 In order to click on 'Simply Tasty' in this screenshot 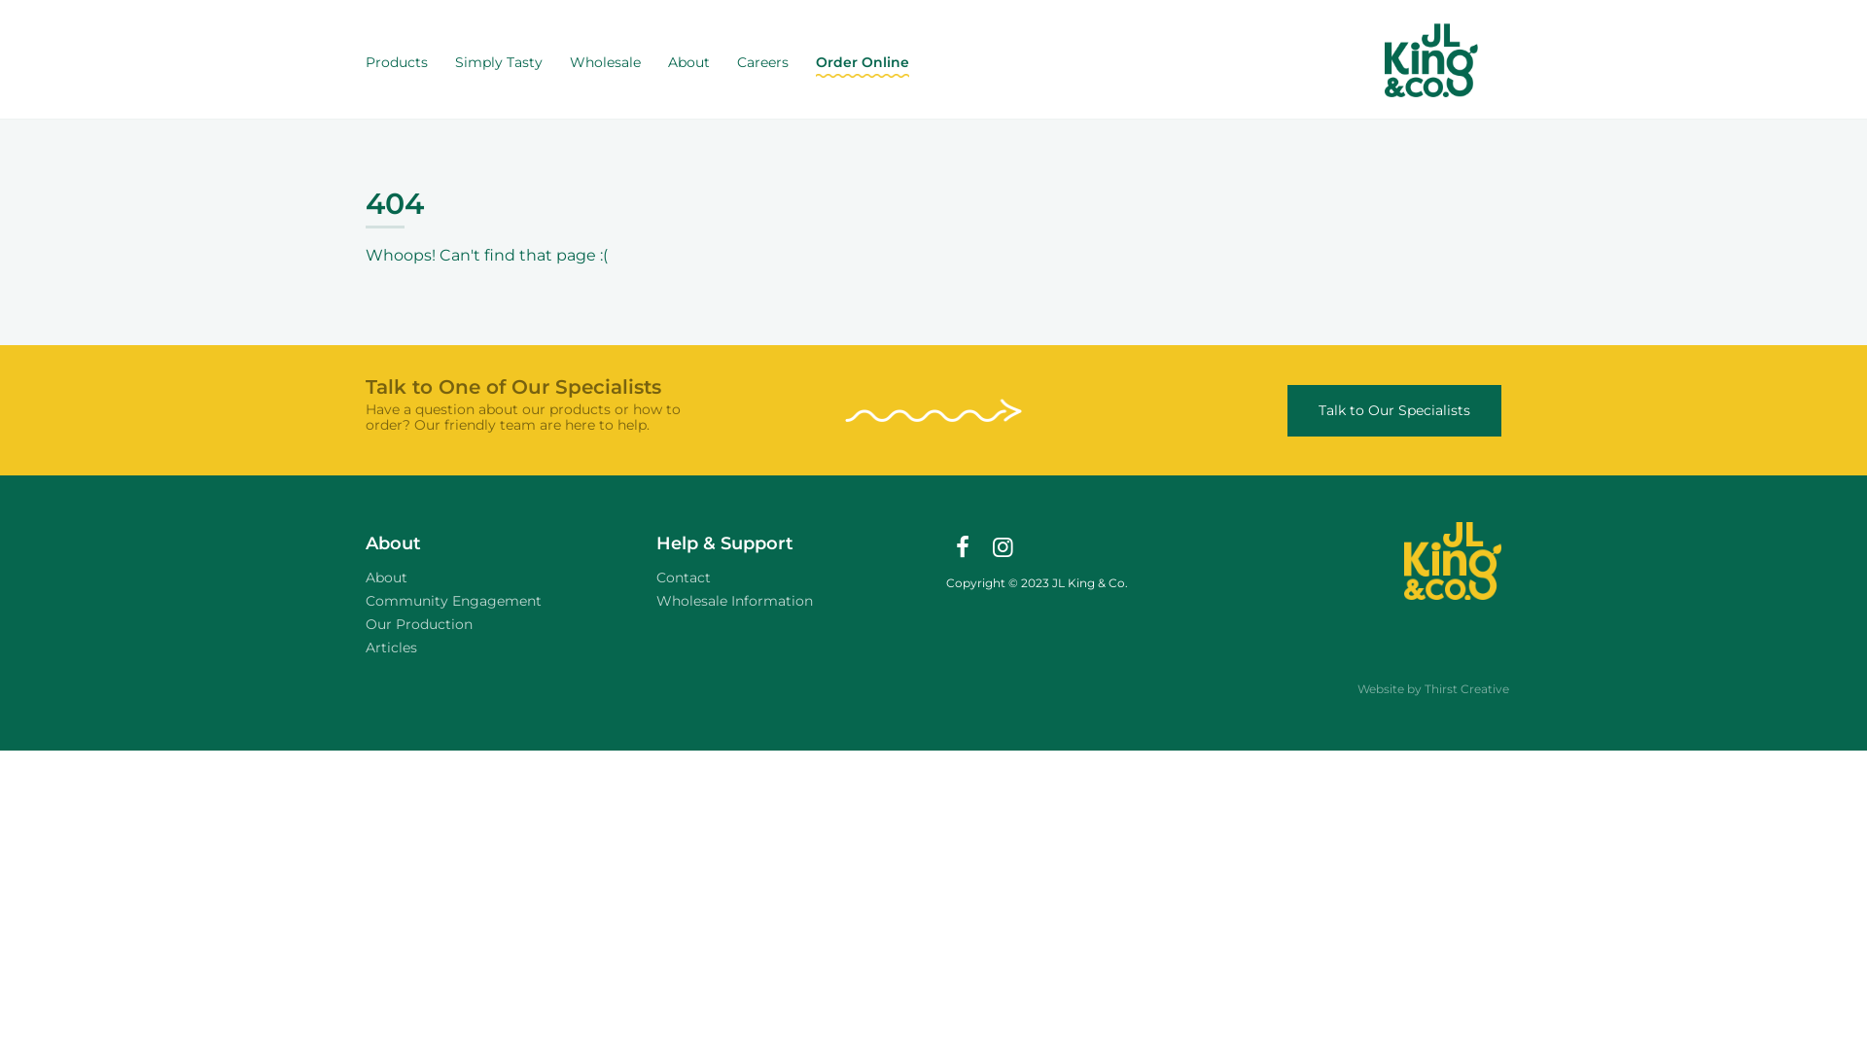, I will do `click(499, 61)`.